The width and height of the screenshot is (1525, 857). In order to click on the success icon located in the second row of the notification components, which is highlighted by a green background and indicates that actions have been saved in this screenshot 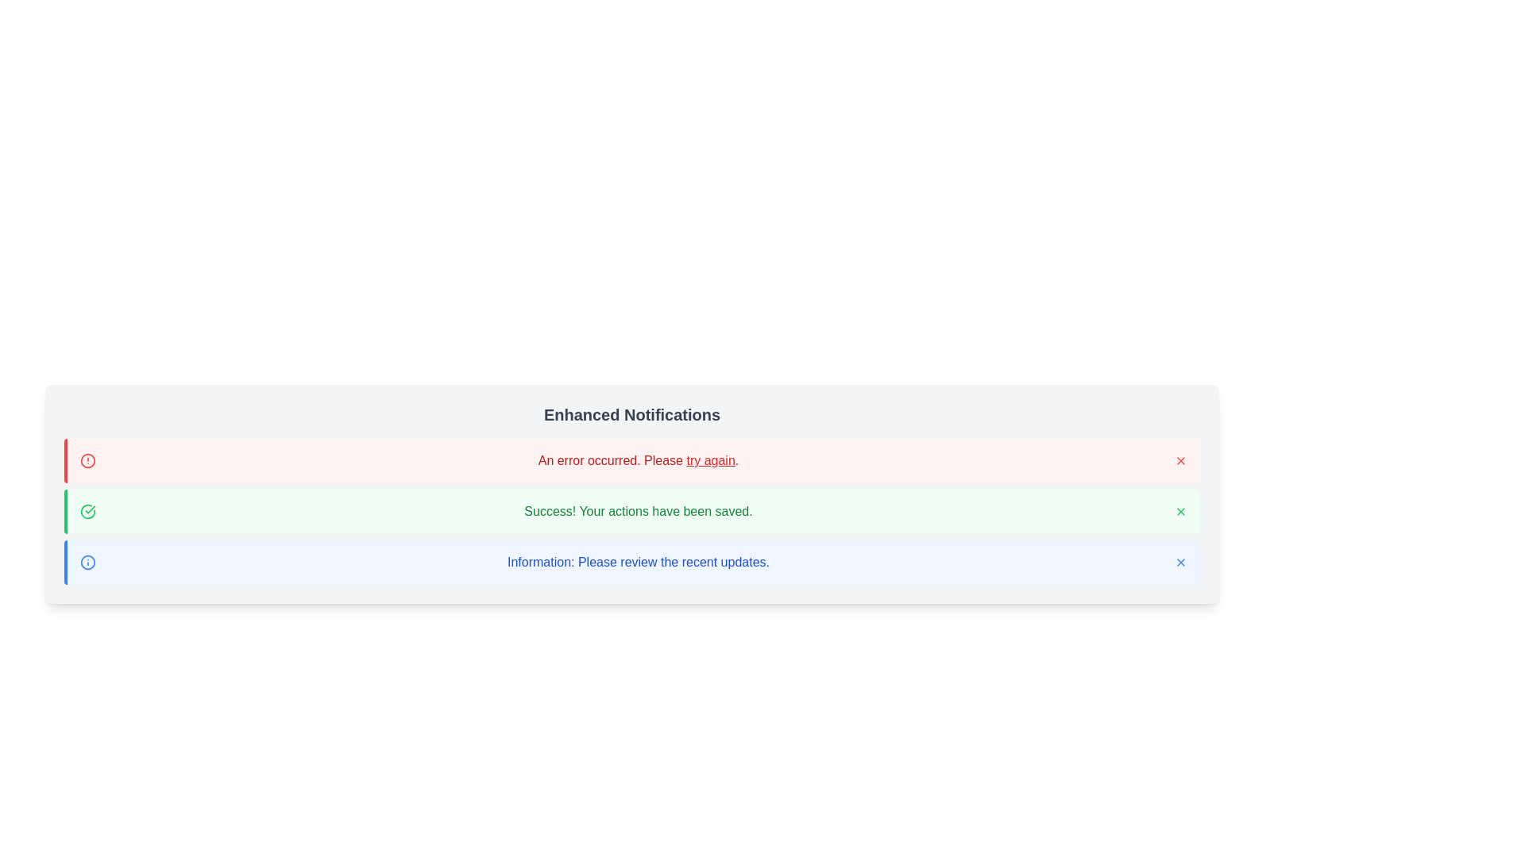, I will do `click(87, 511)`.